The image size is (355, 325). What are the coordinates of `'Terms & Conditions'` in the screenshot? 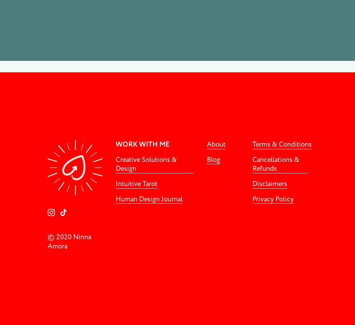 It's located at (281, 144).